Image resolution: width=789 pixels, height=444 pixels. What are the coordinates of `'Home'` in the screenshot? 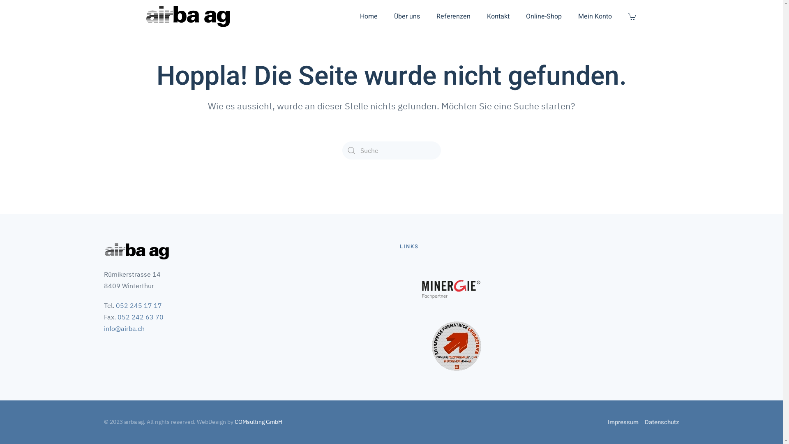 It's located at (368, 16).